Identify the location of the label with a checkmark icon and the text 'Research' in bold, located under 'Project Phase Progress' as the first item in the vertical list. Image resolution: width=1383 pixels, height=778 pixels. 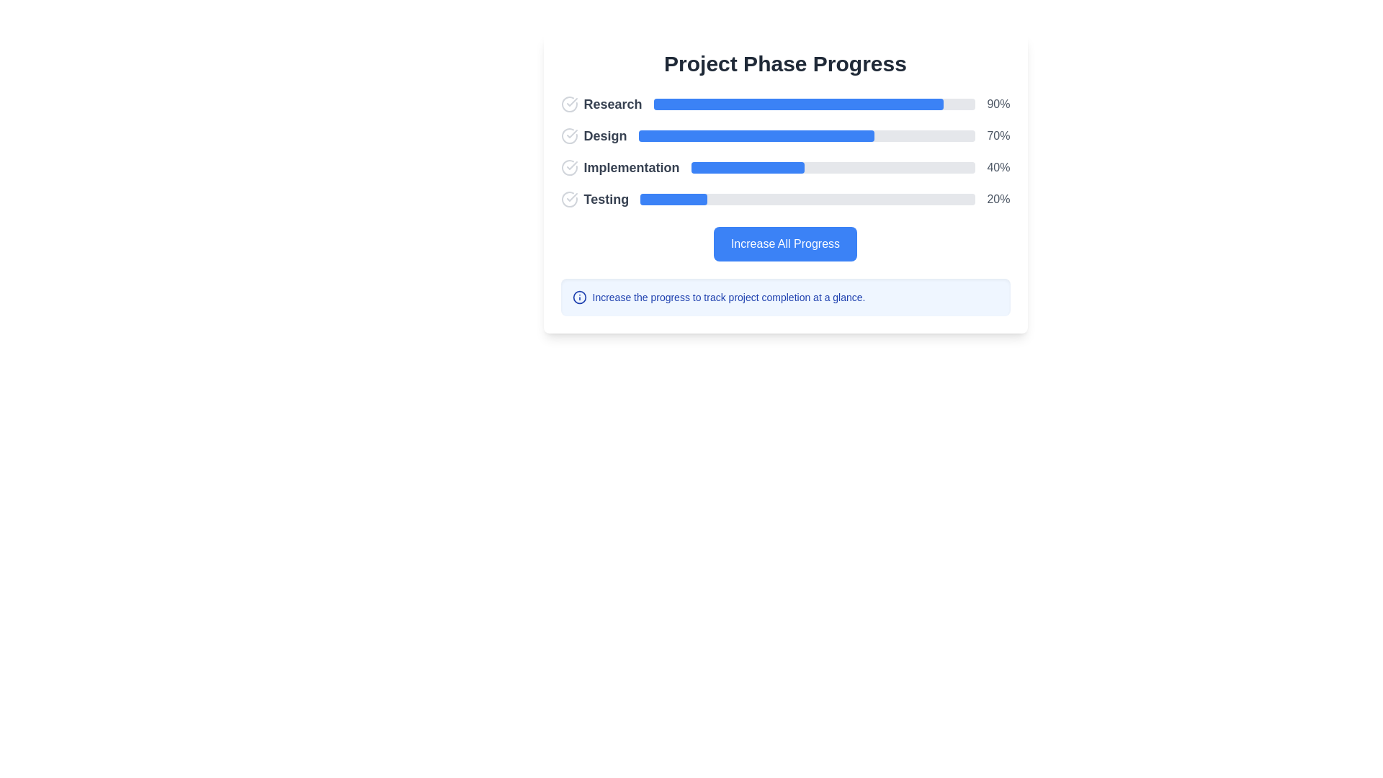
(601, 104).